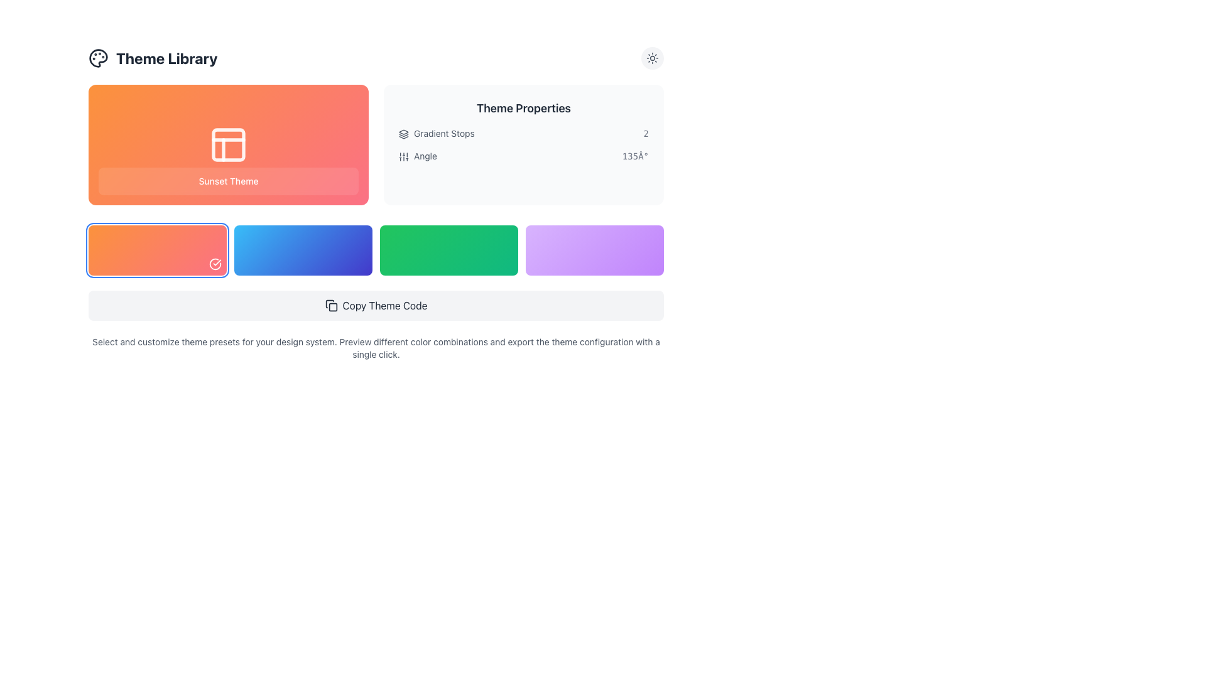 The width and height of the screenshot is (1206, 678). Describe the element at coordinates (166, 58) in the screenshot. I see `the text element that contains the bold text 'Theme Library', which is styled in a large font size and located at the top of the interface` at that location.